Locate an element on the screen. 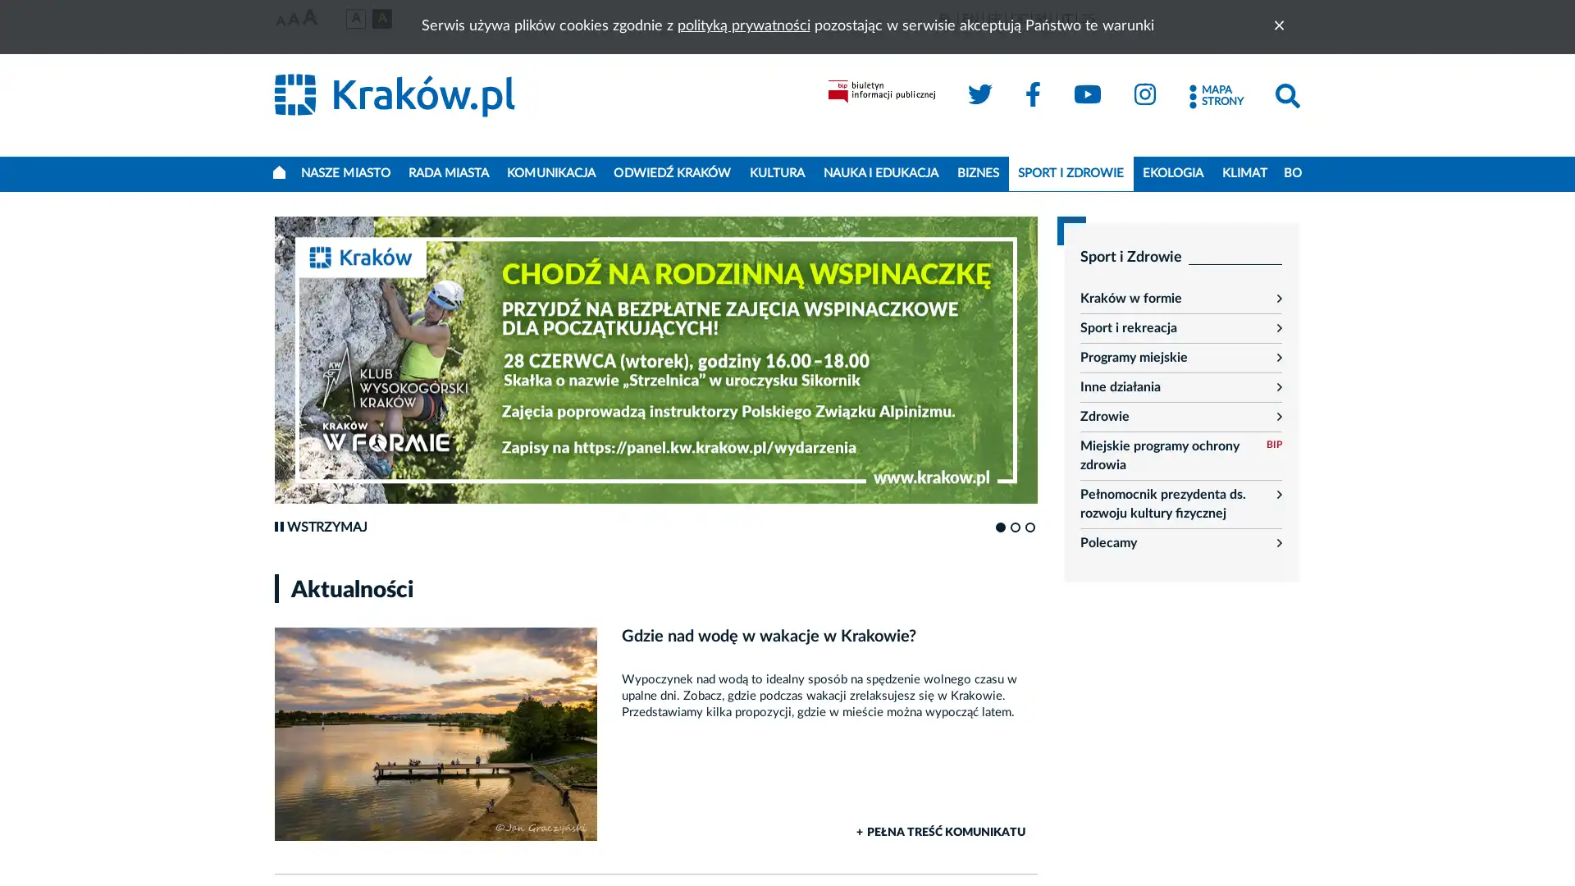 This screenshot has height=886, width=1575. Wersja podstawowa is located at coordinates (354, 18).